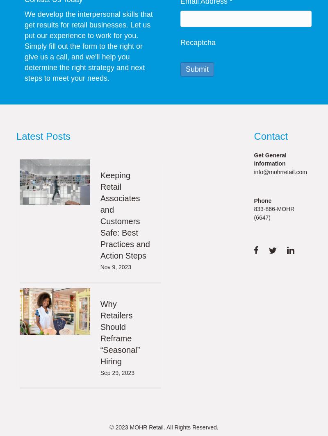  I want to click on 'Get General Information', so click(269, 159).